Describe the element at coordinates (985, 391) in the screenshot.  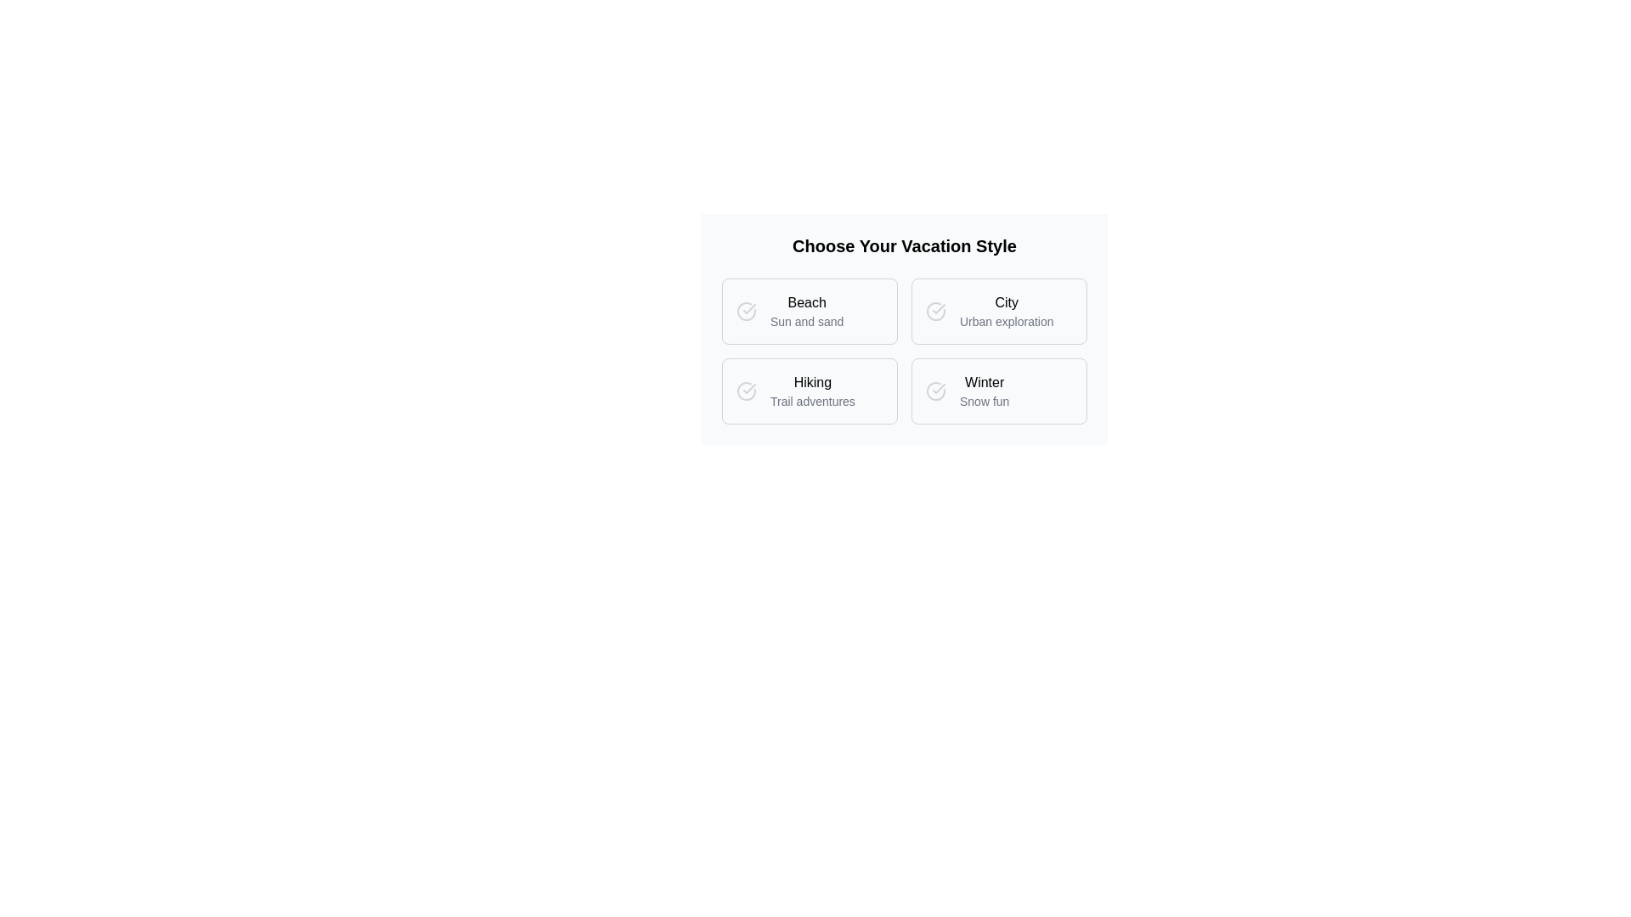
I see `the Text display block that shows 'Winter' in bold black font and 'Snow fun' in smaller gray font, located at the bottom-right of a 2x2 grid layout` at that location.